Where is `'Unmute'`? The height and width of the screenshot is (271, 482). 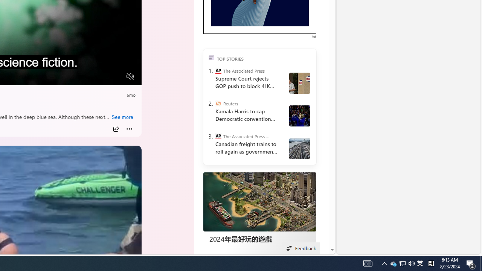
'Unmute' is located at coordinates (130, 76).